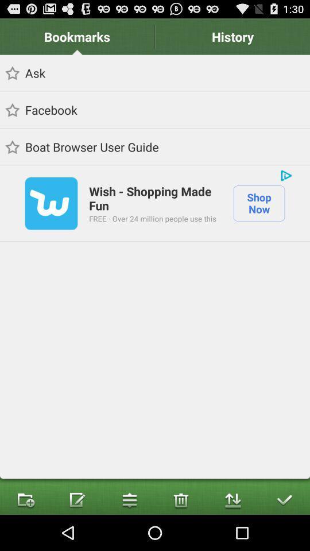 This screenshot has width=310, height=551. What do you see at coordinates (51, 203) in the screenshot?
I see `icon to the left of wish shopping made icon` at bounding box center [51, 203].